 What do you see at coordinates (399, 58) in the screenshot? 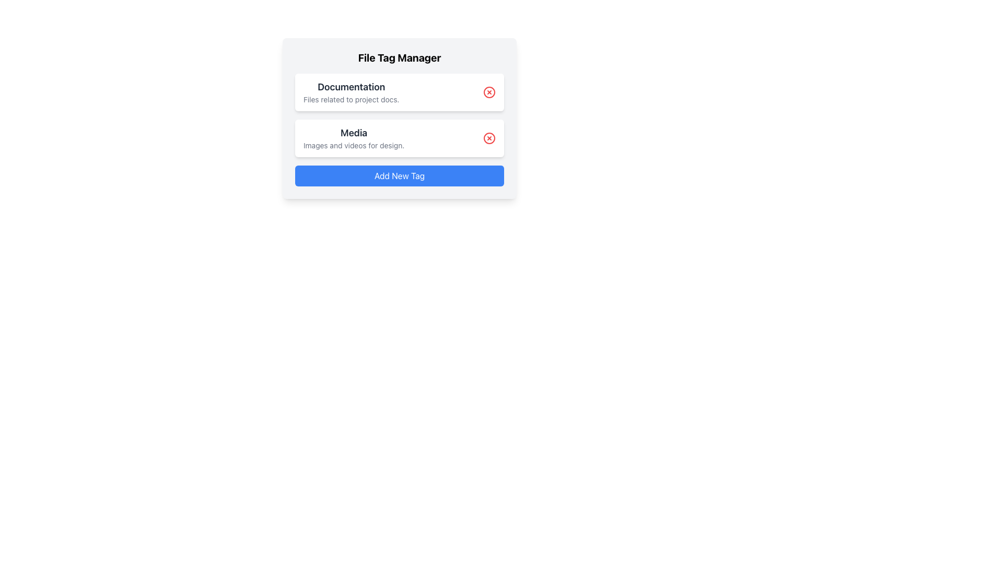
I see `the Header text titled 'File Tag Manager' which is displayed in a large, bold font at the top of the card` at bounding box center [399, 58].